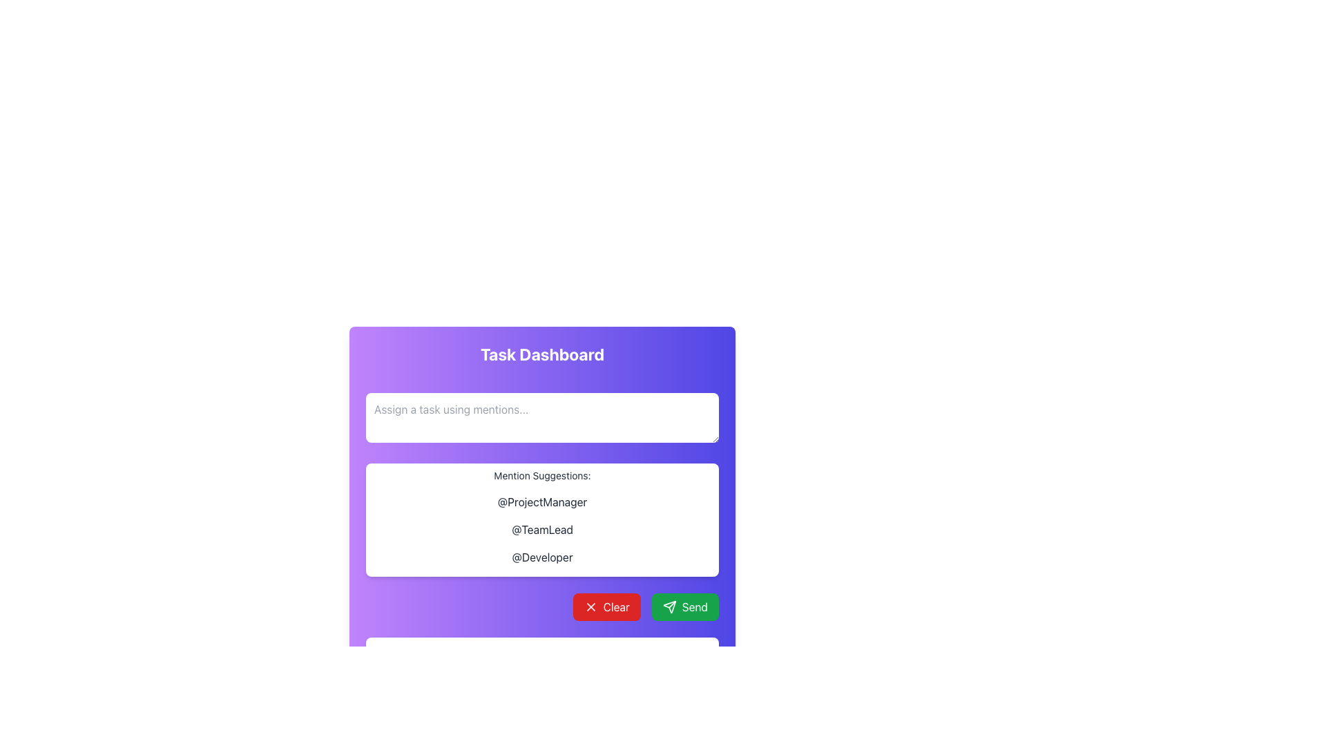  What do you see at coordinates (669, 606) in the screenshot?
I see `the 'Send' button which encompasses the decorative SVG icon located at the lower right corner of the interface` at bounding box center [669, 606].